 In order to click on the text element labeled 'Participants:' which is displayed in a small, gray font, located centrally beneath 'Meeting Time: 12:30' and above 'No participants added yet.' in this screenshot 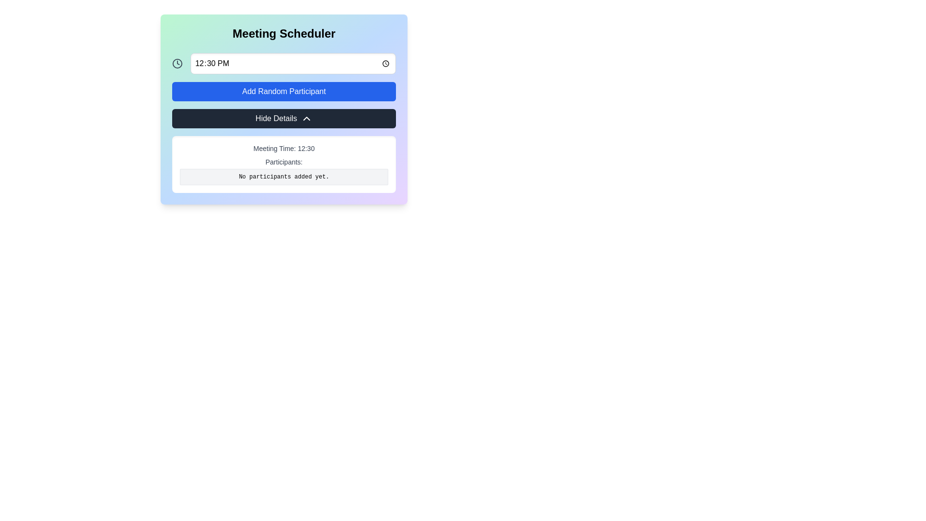, I will do `click(284, 161)`.